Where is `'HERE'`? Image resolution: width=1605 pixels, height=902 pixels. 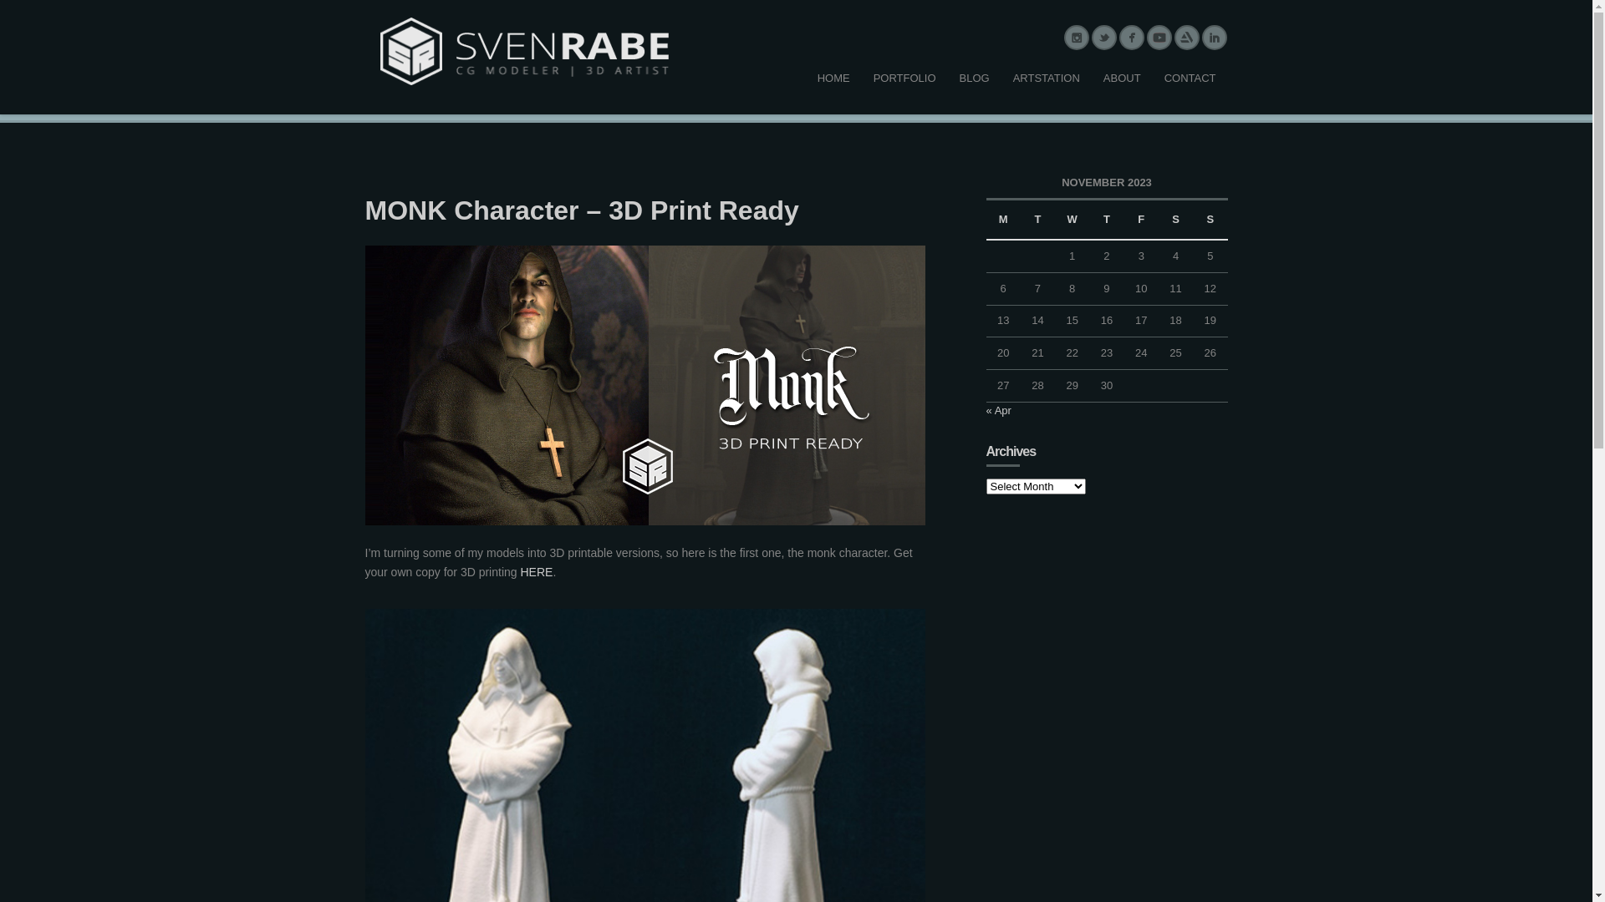
'HERE' is located at coordinates (536, 571).